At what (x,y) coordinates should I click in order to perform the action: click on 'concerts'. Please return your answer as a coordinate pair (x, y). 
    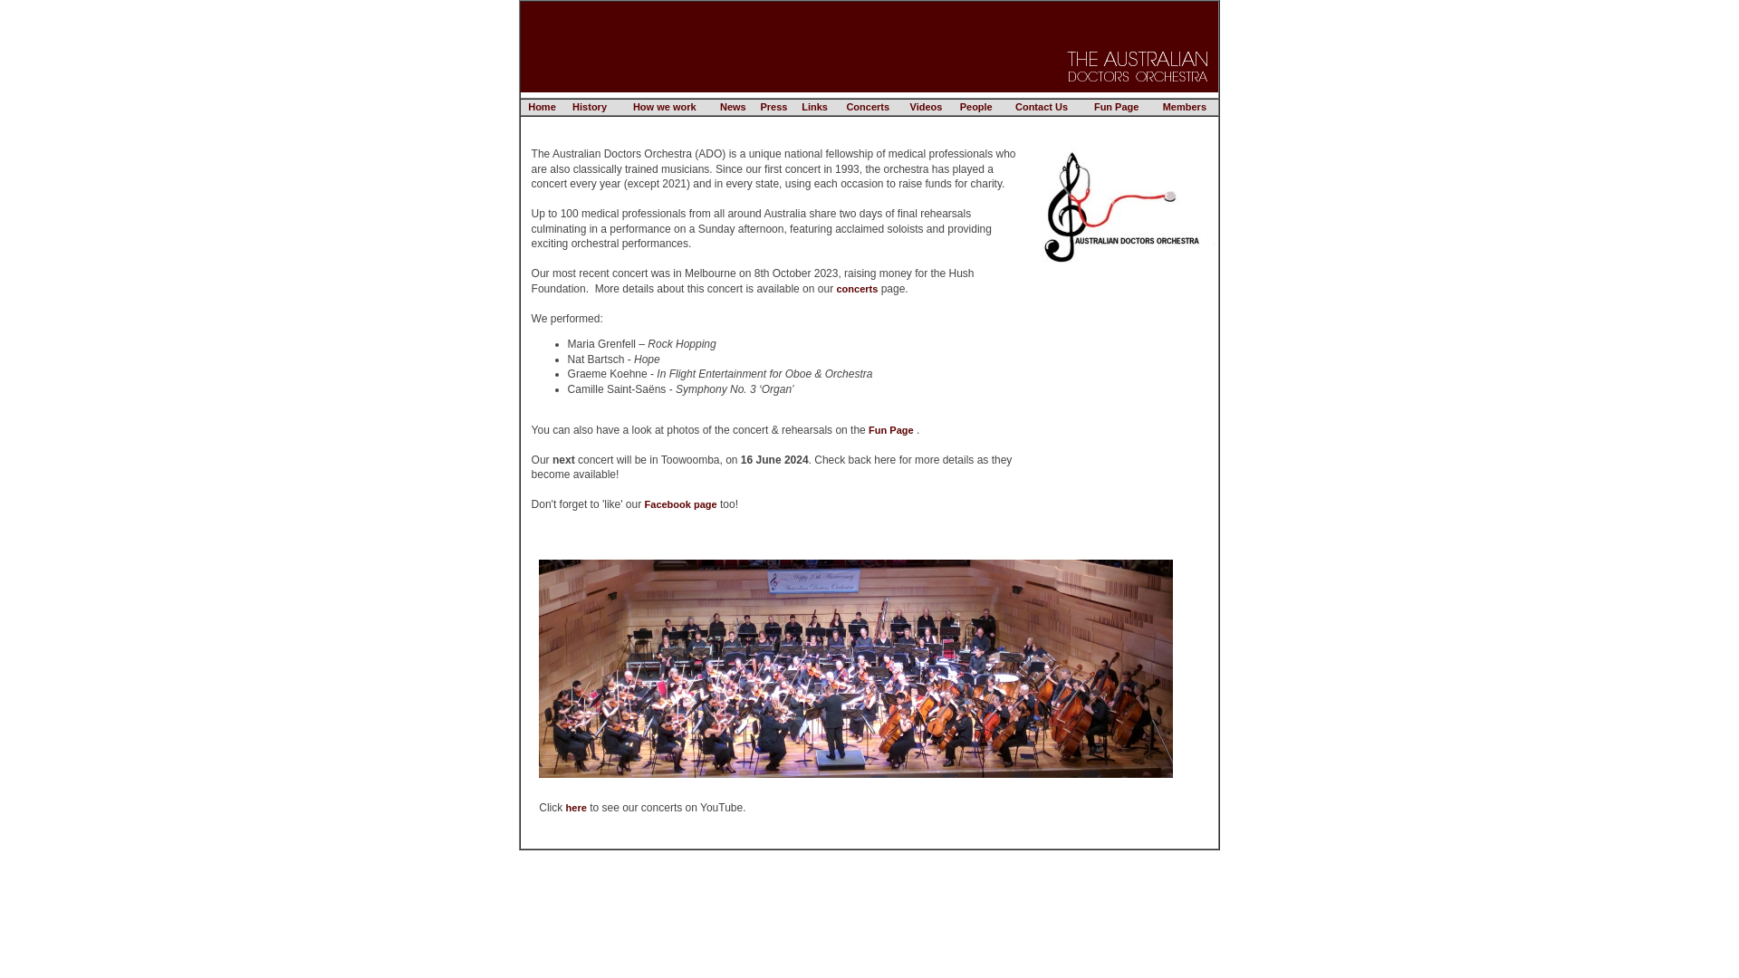
    Looking at the image, I should click on (855, 286).